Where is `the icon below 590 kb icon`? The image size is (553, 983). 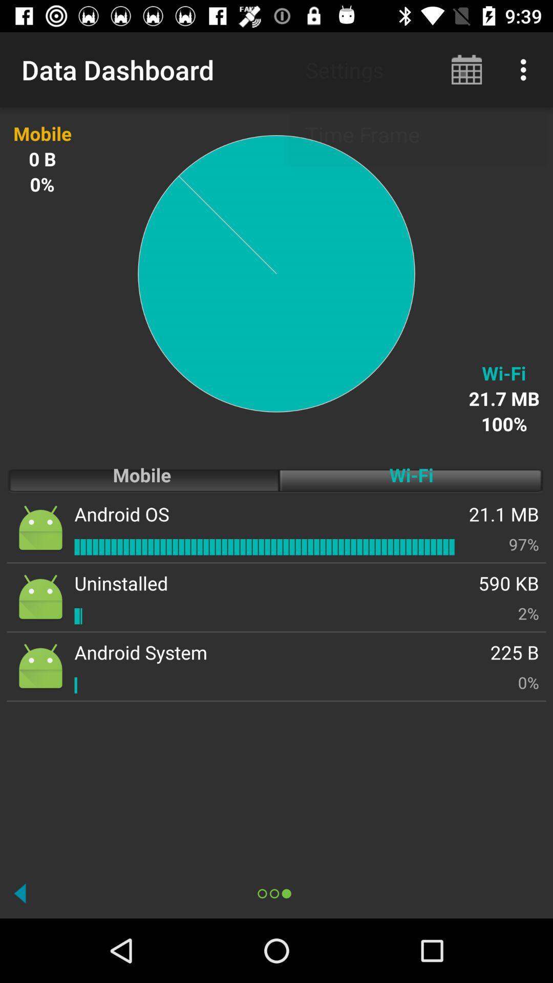
the icon below 590 kb icon is located at coordinates (528, 613).